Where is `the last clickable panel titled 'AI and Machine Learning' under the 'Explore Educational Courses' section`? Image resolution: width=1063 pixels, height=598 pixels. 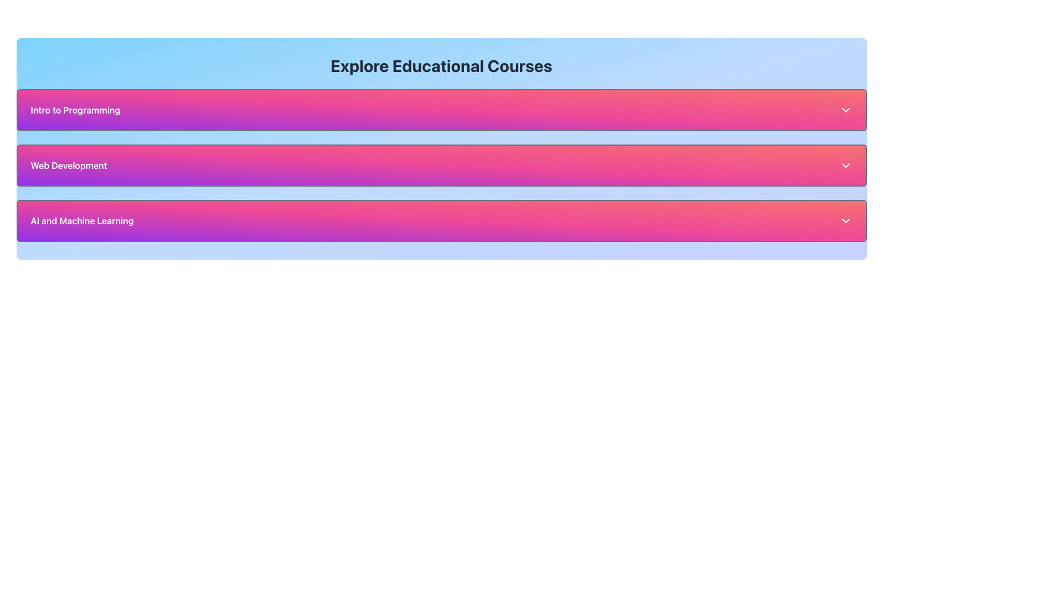 the last clickable panel titled 'AI and Machine Learning' under the 'Explore Educational Courses' section is located at coordinates (441, 220).